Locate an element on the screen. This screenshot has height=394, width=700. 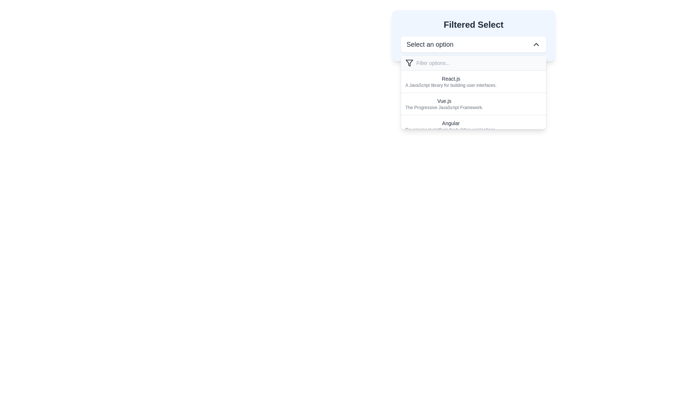
the 'Vue.js' dropdown option item located under the 'Filtered Select' dropdown menu is located at coordinates (444, 104).